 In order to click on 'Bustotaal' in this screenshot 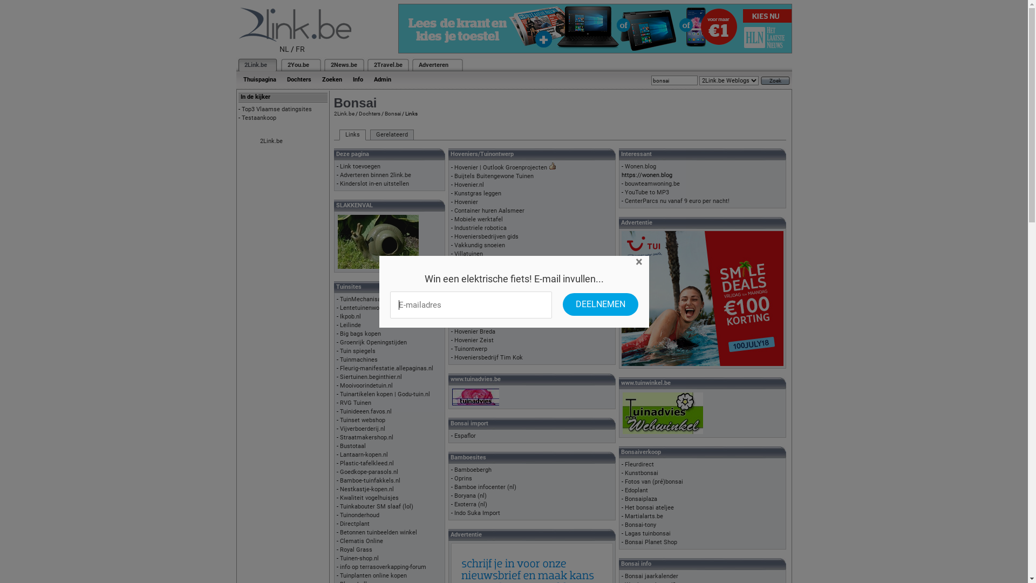, I will do `click(352, 446)`.